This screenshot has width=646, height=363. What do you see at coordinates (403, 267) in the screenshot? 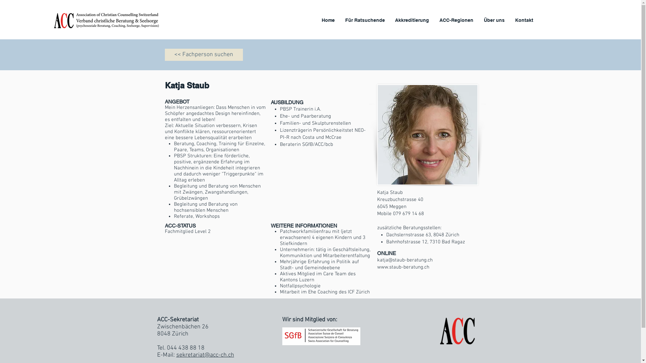
I see `'www.staub-beratung.ch'` at bounding box center [403, 267].